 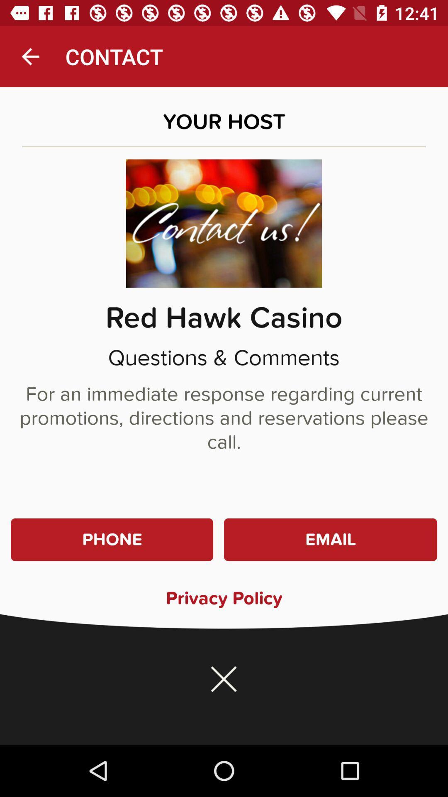 What do you see at coordinates (330, 540) in the screenshot?
I see `the icon to the right of phone icon` at bounding box center [330, 540].